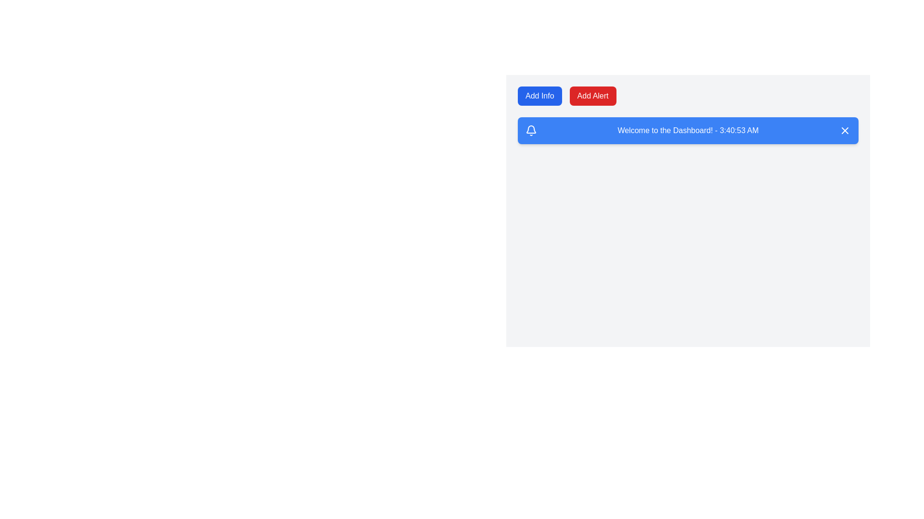  Describe the element at coordinates (531, 131) in the screenshot. I see `the bell-shaped notification icon outlined in minimalistic lines, located within the blue notification card near the text 'Welcome to the Dashboard! - 3:40:53 AM'` at that location.